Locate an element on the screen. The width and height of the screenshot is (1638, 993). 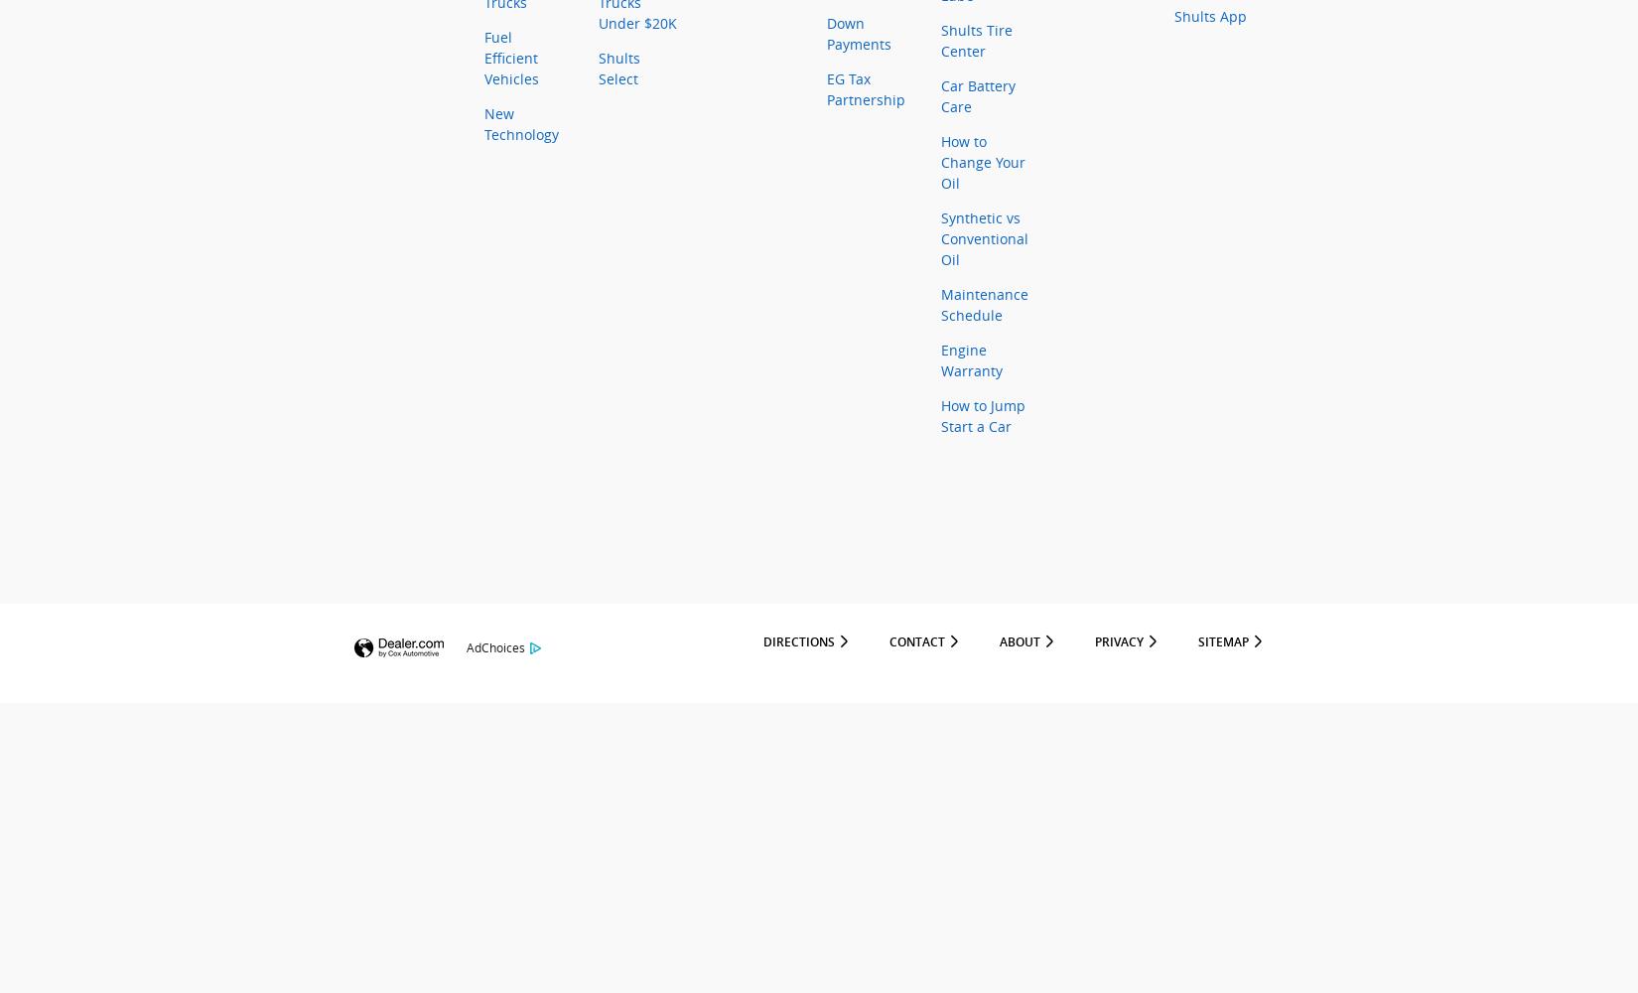
'How to Jump Start a Car' is located at coordinates (983, 416).